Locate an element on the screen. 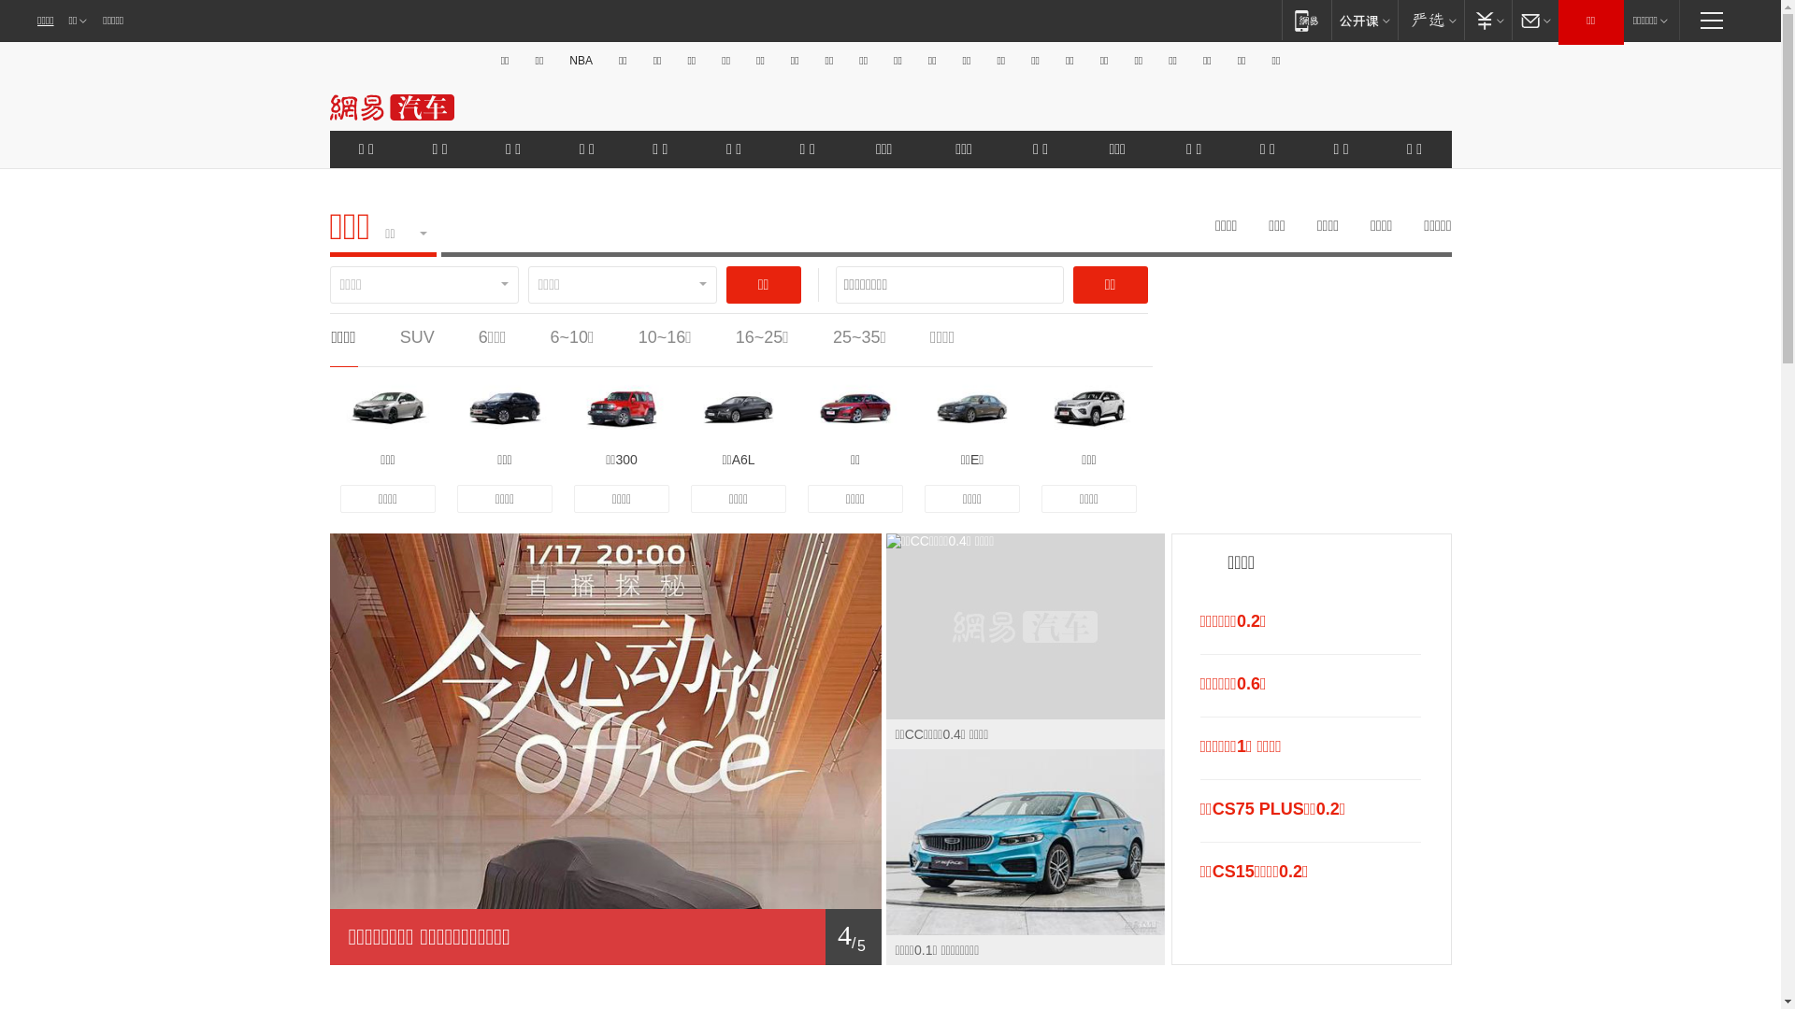  'NBA' is located at coordinates (580, 60).